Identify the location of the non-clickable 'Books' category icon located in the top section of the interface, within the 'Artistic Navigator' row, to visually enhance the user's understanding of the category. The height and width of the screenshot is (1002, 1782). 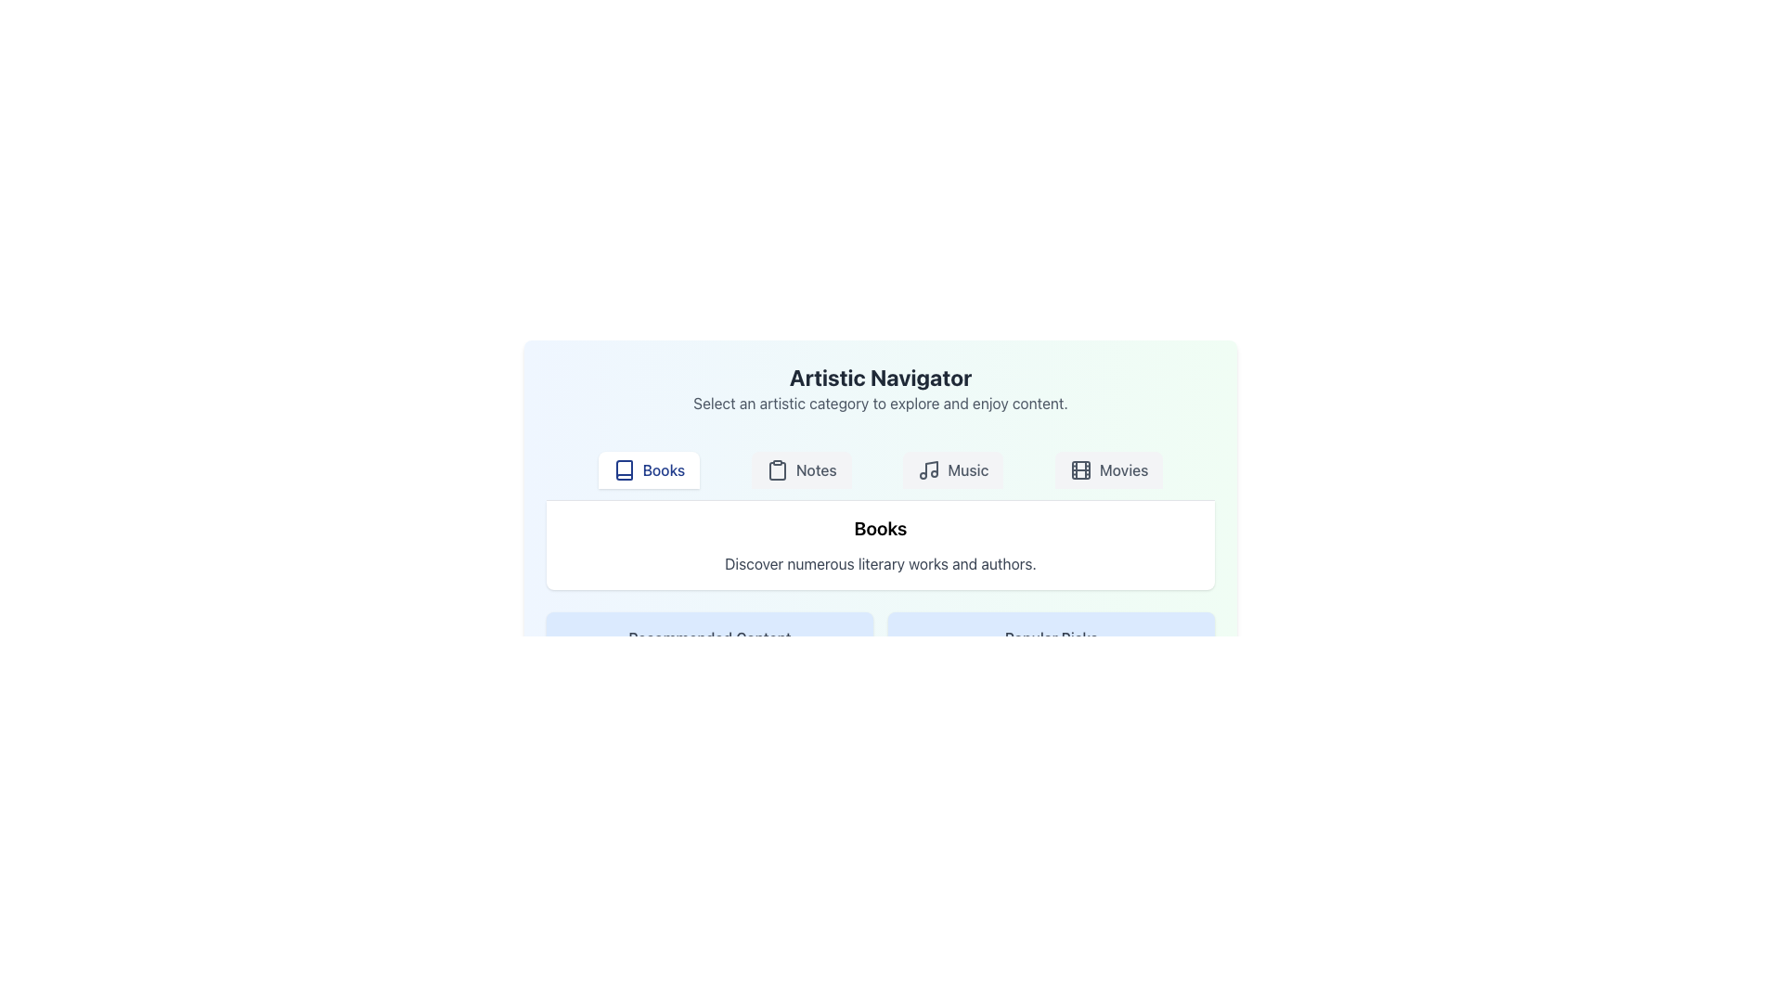
(624, 469).